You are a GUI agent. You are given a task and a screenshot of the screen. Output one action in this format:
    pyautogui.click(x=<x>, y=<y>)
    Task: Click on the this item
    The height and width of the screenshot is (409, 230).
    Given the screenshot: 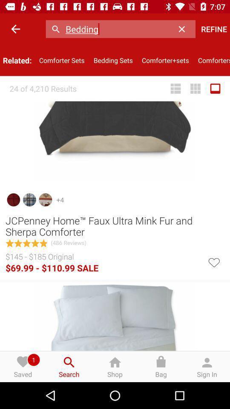 What is the action you would take?
    pyautogui.click(x=213, y=261)
    